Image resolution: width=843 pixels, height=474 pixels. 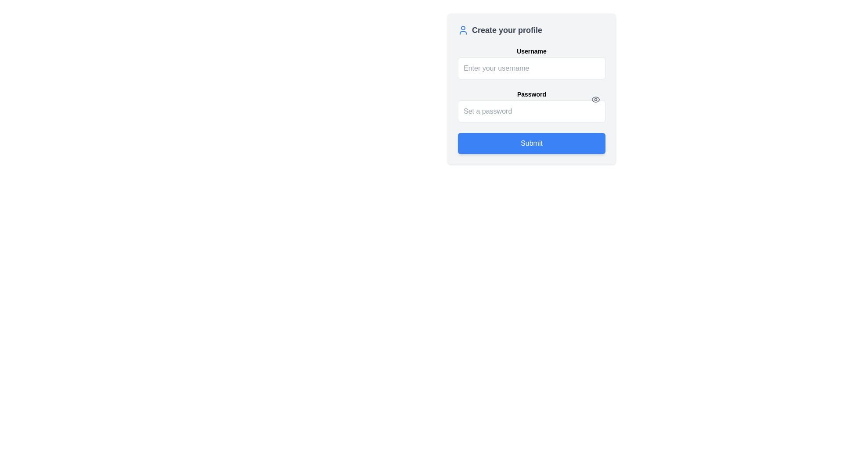 What do you see at coordinates (531, 106) in the screenshot?
I see `the password input field labeled 'Password' to potentially see interactive styling changes` at bounding box center [531, 106].